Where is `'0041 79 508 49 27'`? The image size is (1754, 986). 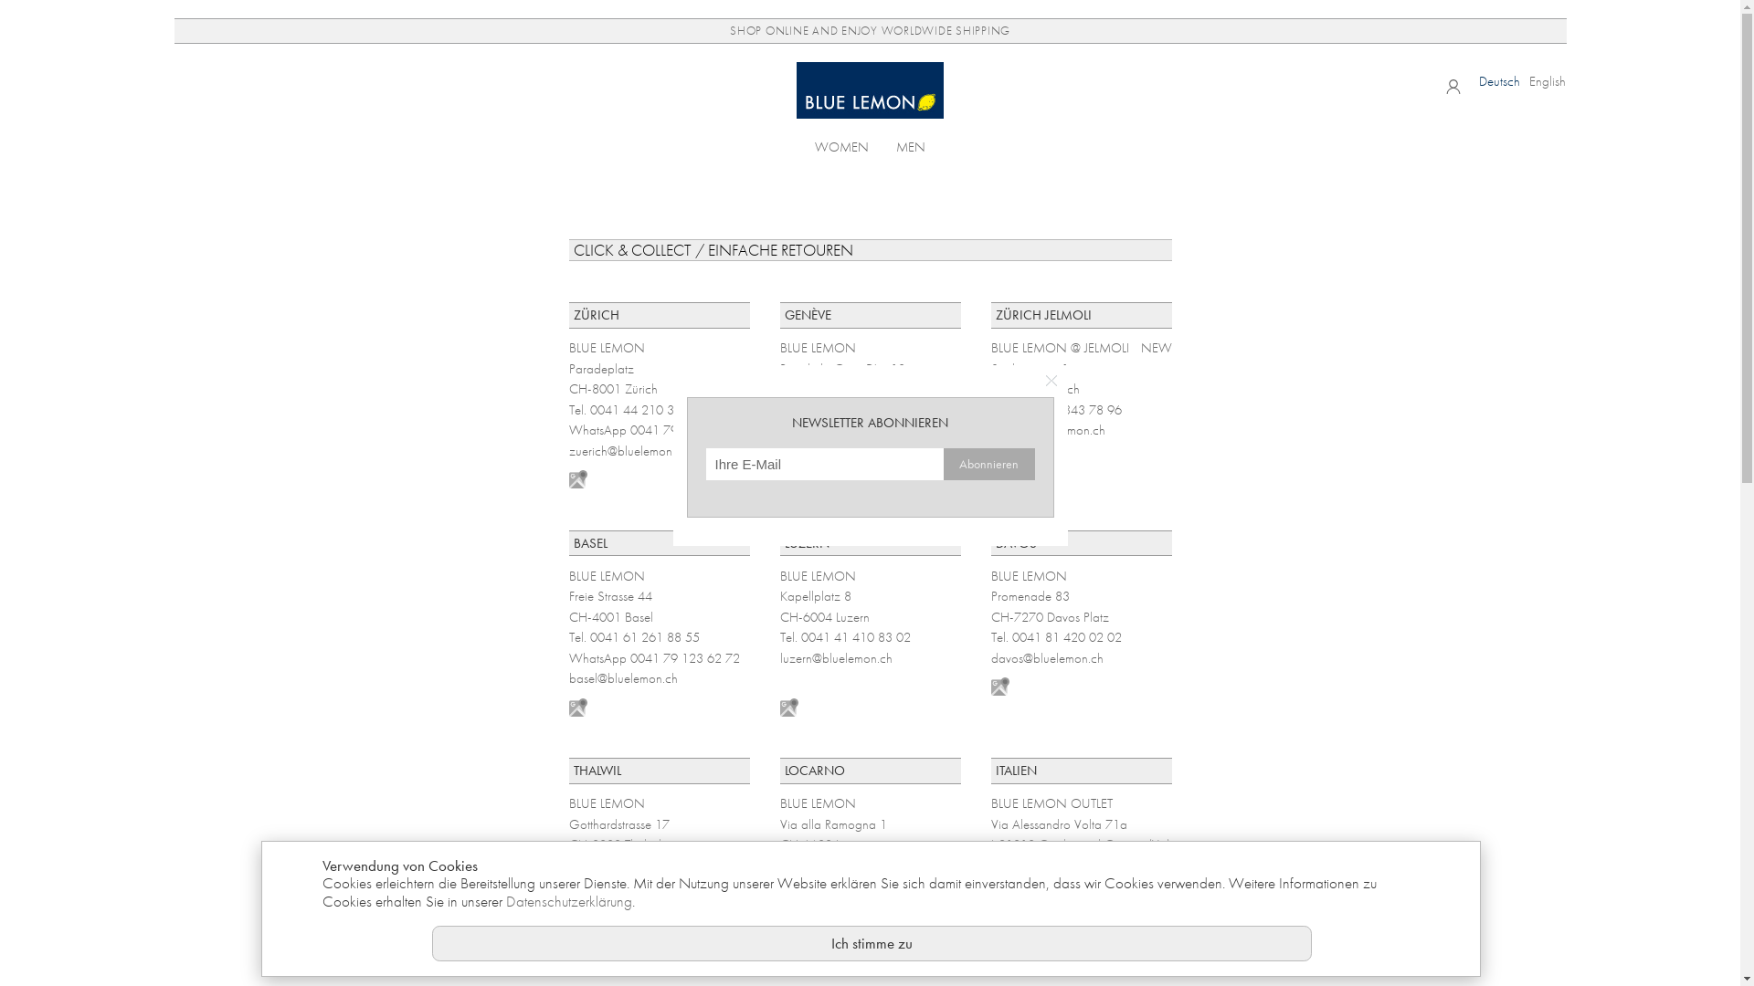
'0041 79 508 49 27' is located at coordinates (894, 429).